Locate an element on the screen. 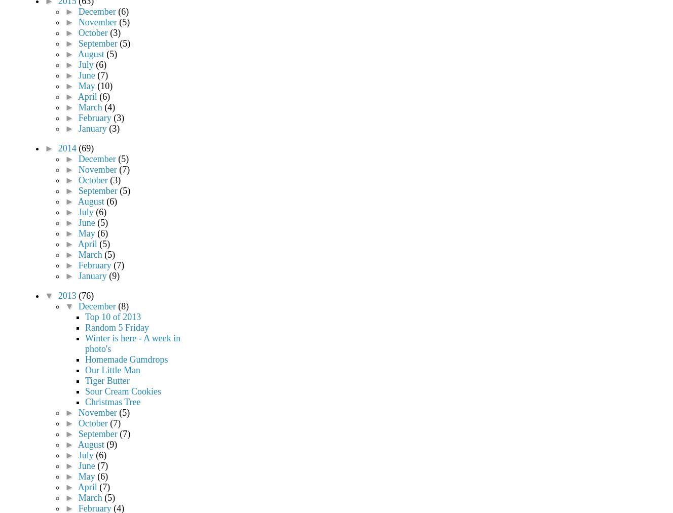 This screenshot has height=513, width=673. 'Tiger Butter' is located at coordinates (107, 380).